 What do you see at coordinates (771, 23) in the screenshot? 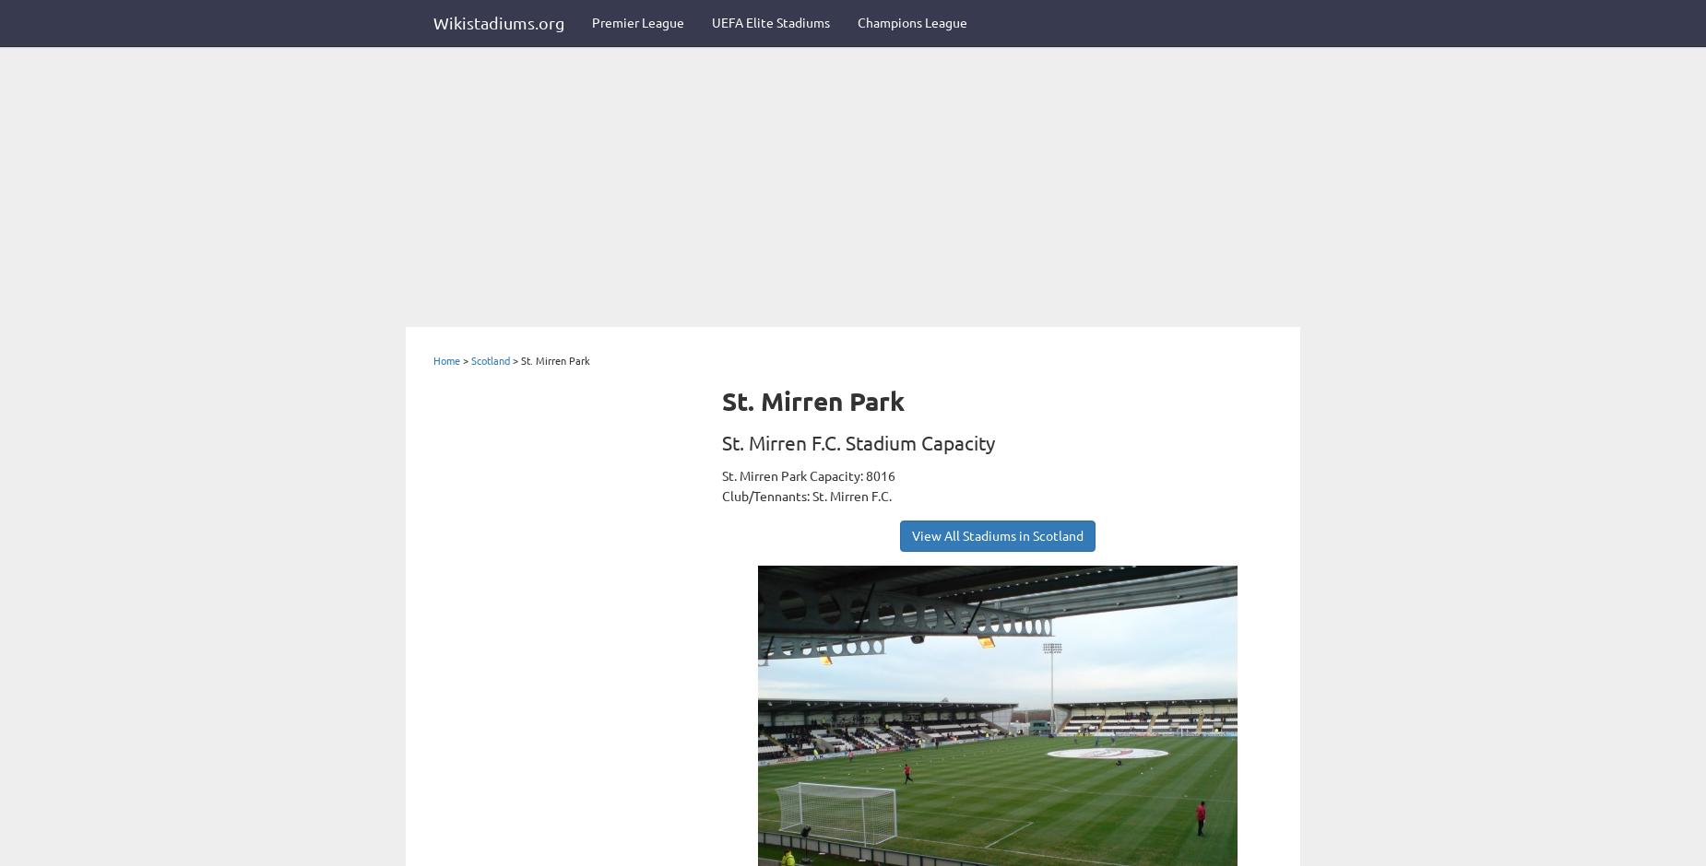
I see `'UEFA Elite Stadiums'` at bounding box center [771, 23].